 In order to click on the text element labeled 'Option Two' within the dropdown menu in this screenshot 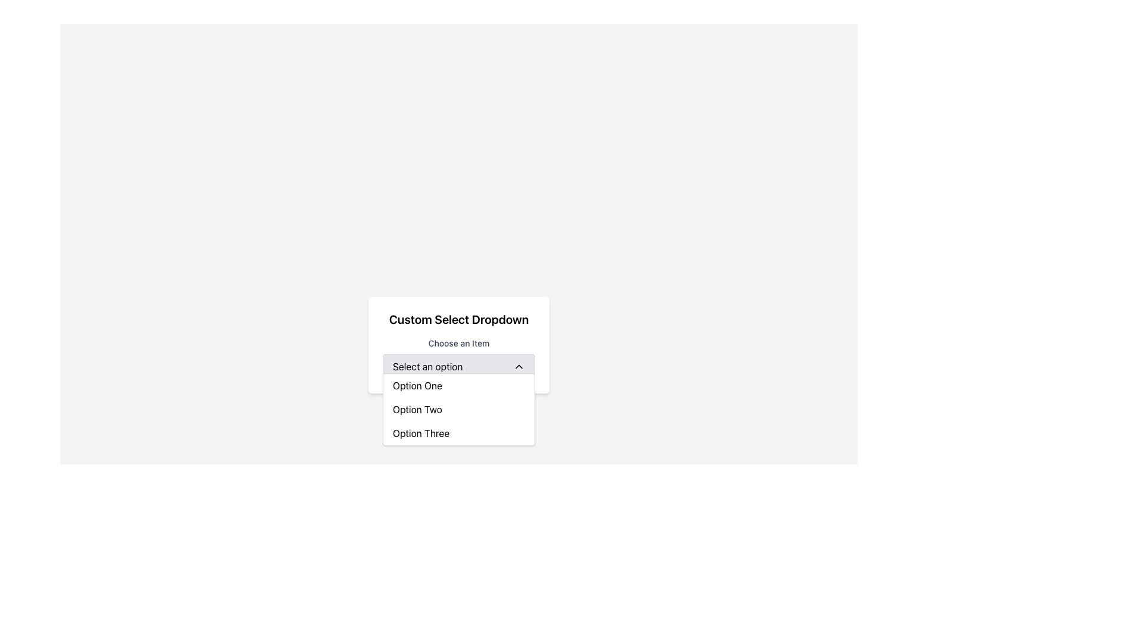, I will do `click(417, 408)`.